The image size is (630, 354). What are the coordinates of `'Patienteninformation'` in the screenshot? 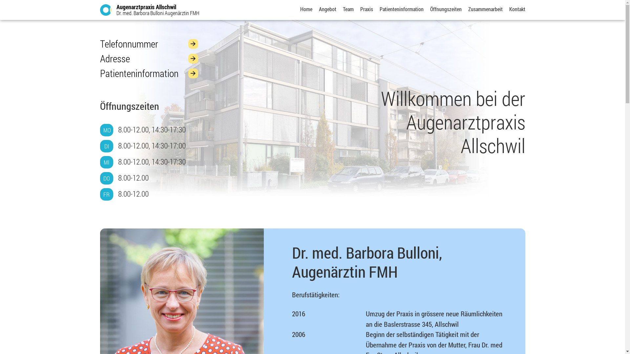 It's located at (148, 73).